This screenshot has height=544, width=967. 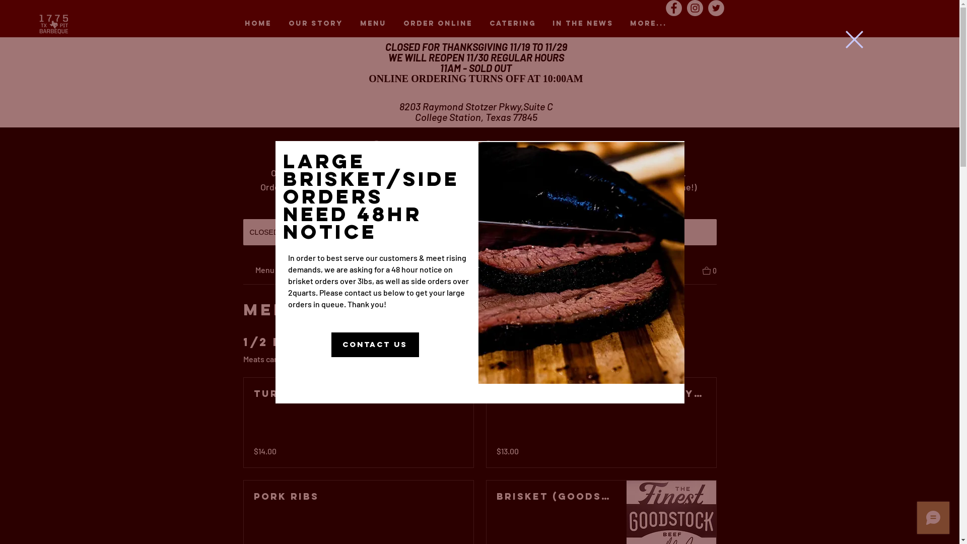 I want to click on '0', so click(x=708, y=269).